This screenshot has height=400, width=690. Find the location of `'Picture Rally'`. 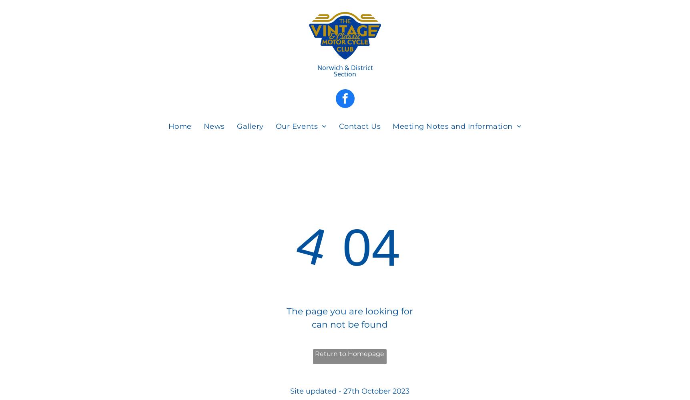

'Picture Rally' is located at coordinates (306, 175).